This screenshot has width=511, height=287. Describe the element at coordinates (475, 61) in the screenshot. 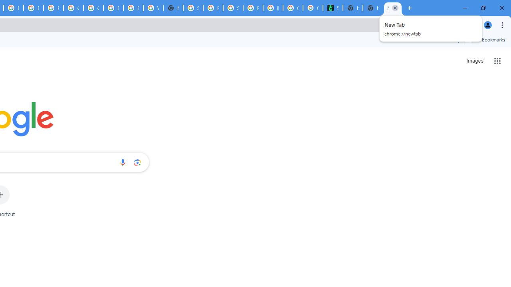

I see `'Search for Images '` at that location.